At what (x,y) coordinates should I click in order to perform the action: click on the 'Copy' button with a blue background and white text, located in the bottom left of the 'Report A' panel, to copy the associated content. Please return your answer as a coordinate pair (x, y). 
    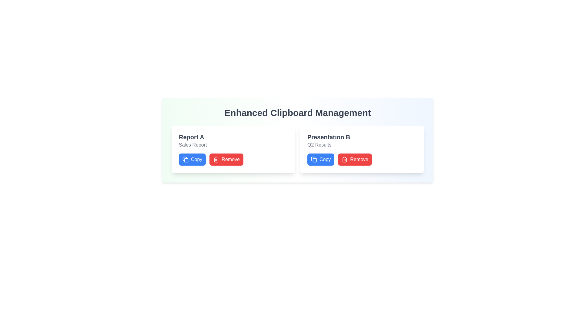
    Looking at the image, I should click on (192, 159).